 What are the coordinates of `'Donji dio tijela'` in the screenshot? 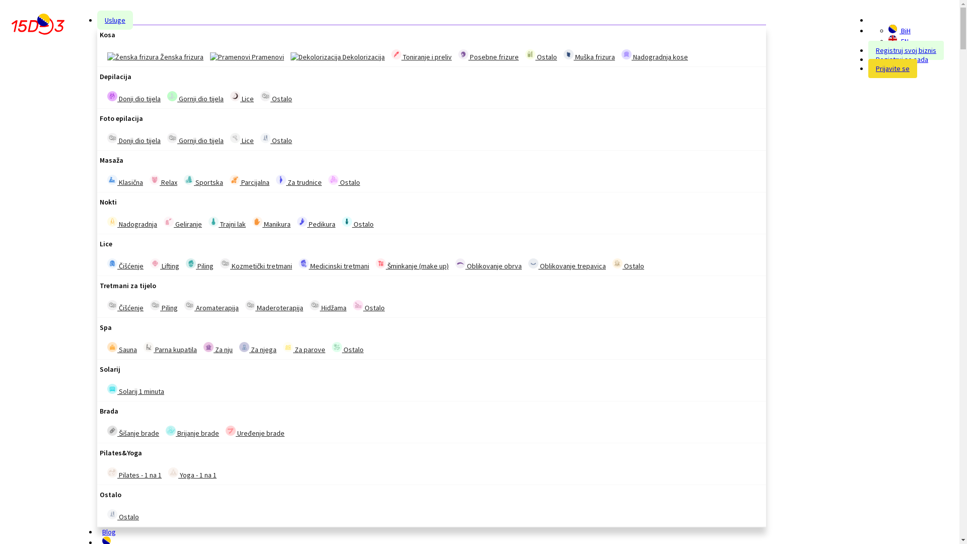 It's located at (107, 96).